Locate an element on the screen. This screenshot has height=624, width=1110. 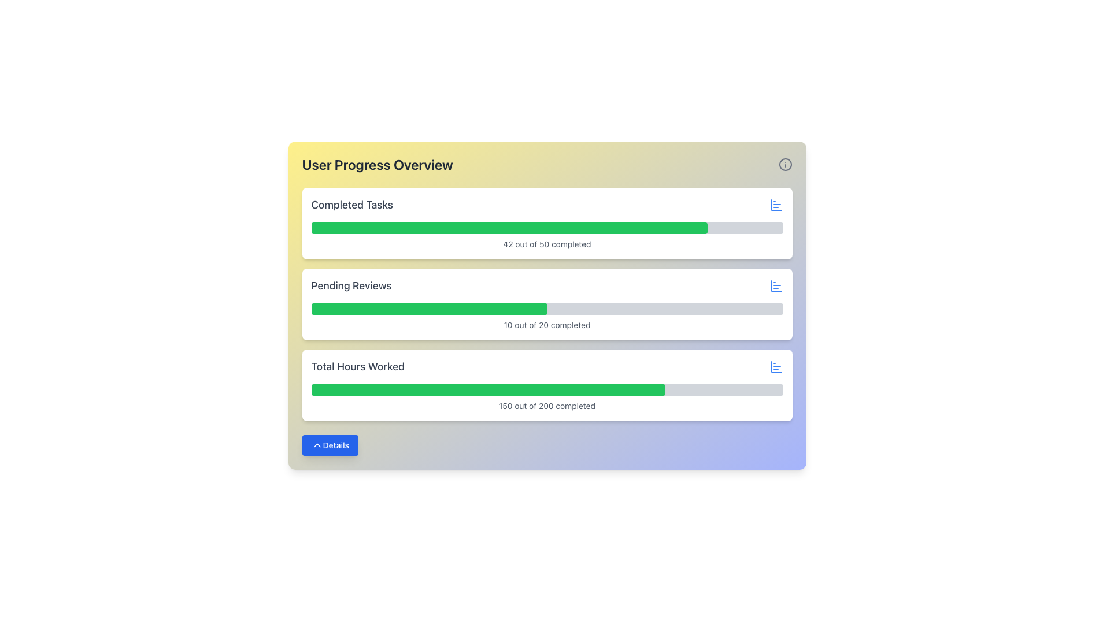
the blue rectangular button labeled 'Details' with a white chevron icon is located at coordinates (330, 445).